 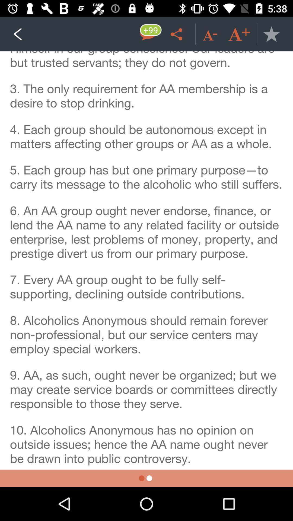 I want to click on favourite, so click(x=271, y=34).